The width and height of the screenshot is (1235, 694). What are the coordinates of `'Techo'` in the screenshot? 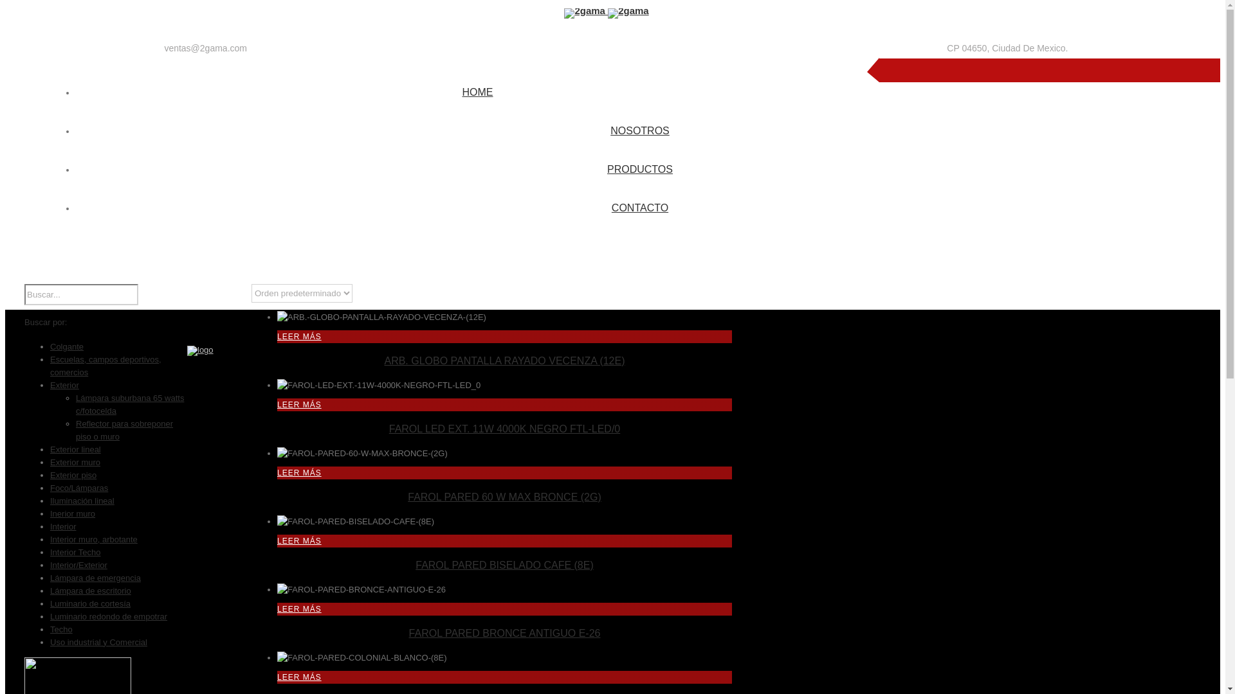 It's located at (60, 628).